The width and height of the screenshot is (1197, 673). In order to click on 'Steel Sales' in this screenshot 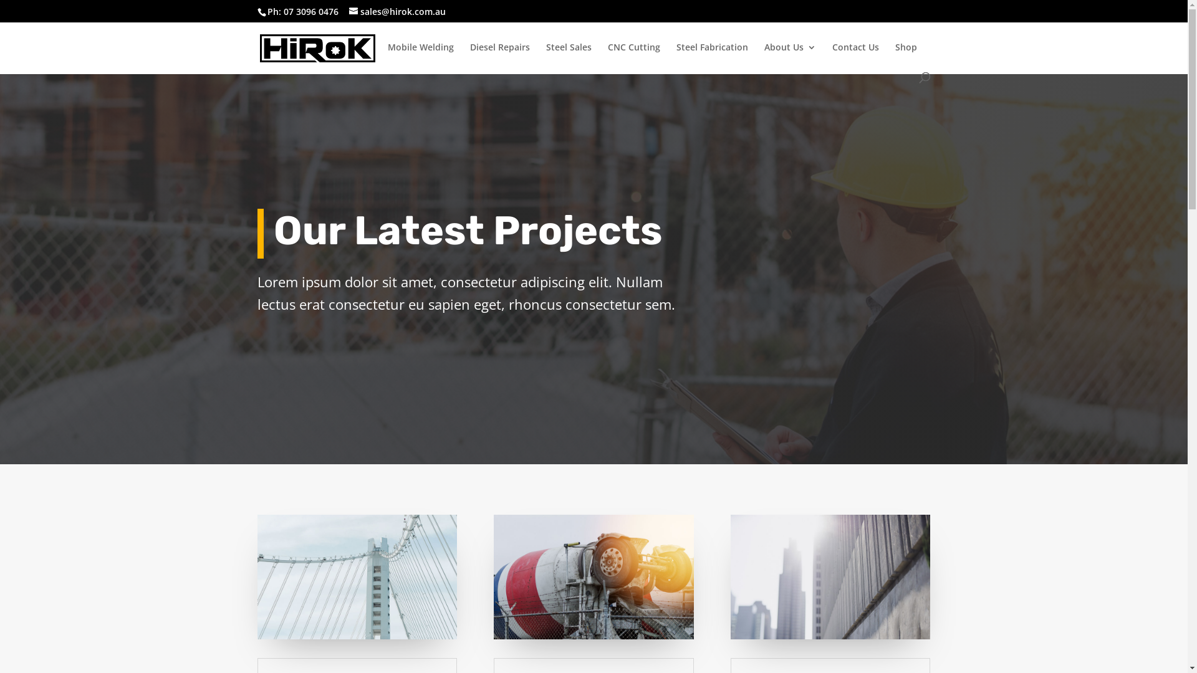, I will do `click(568, 57)`.